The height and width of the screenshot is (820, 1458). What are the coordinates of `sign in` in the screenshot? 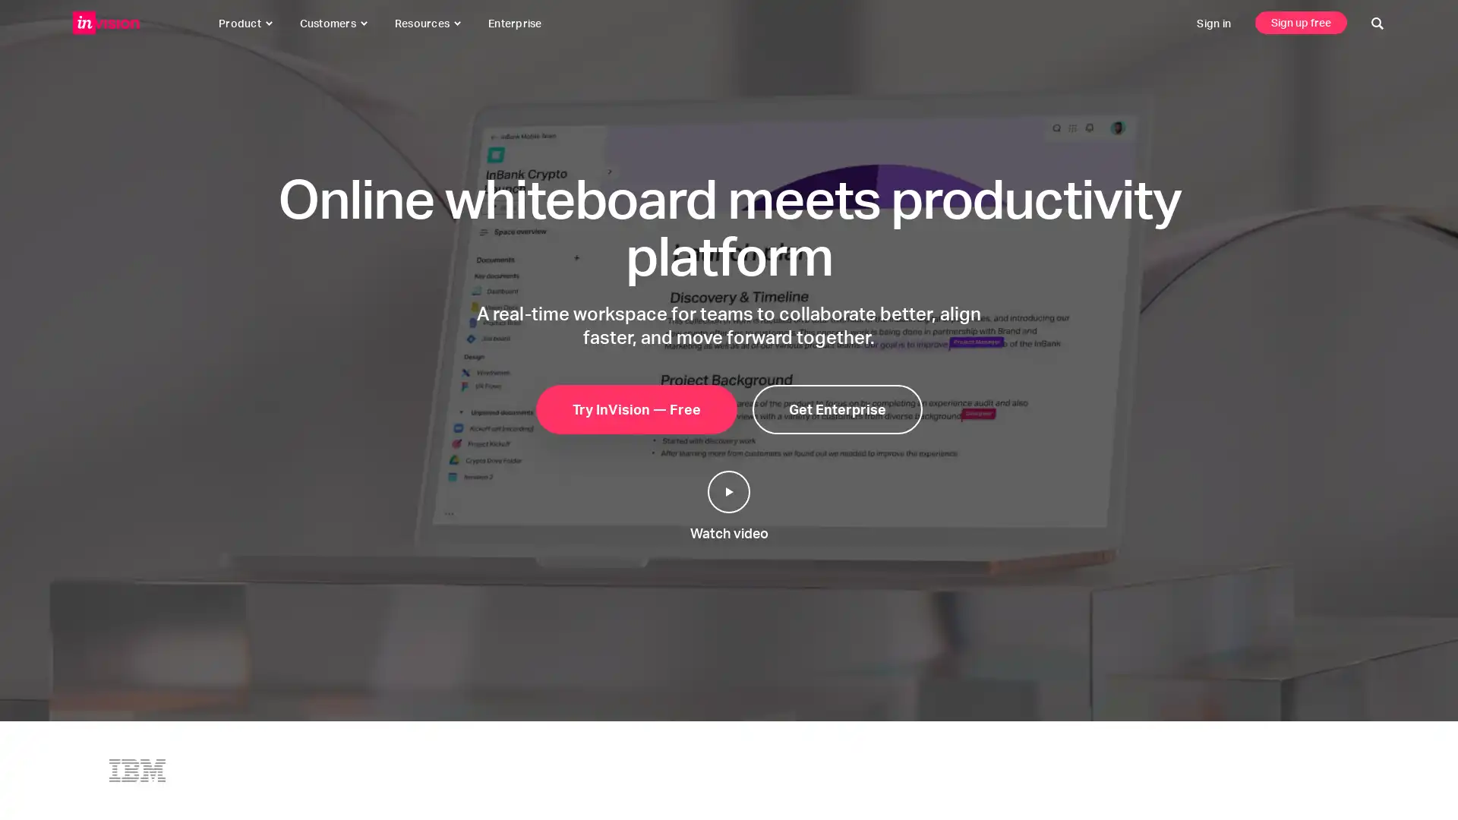 It's located at (1213, 23).